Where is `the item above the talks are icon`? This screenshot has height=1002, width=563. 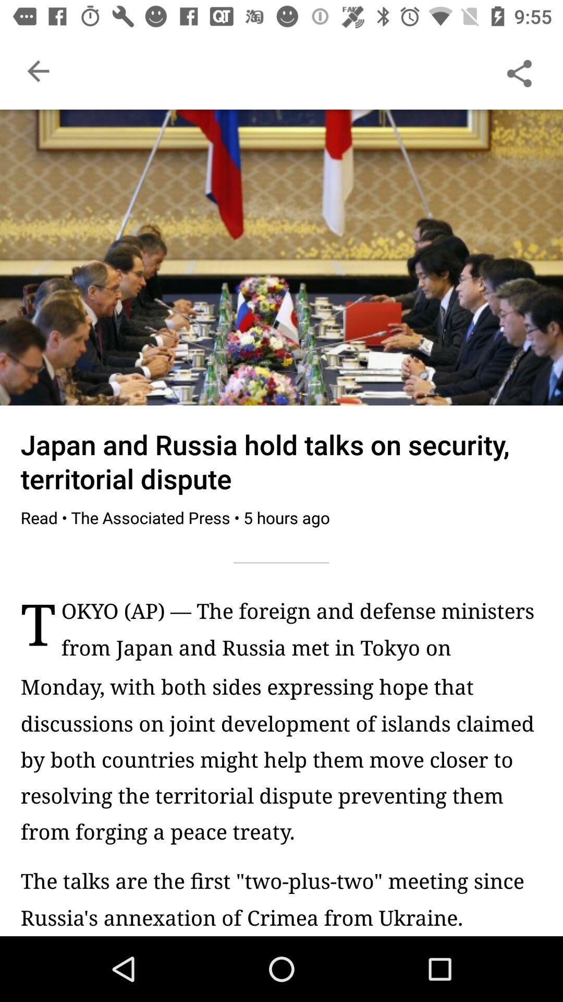
the item above the talks are icon is located at coordinates (281, 759).